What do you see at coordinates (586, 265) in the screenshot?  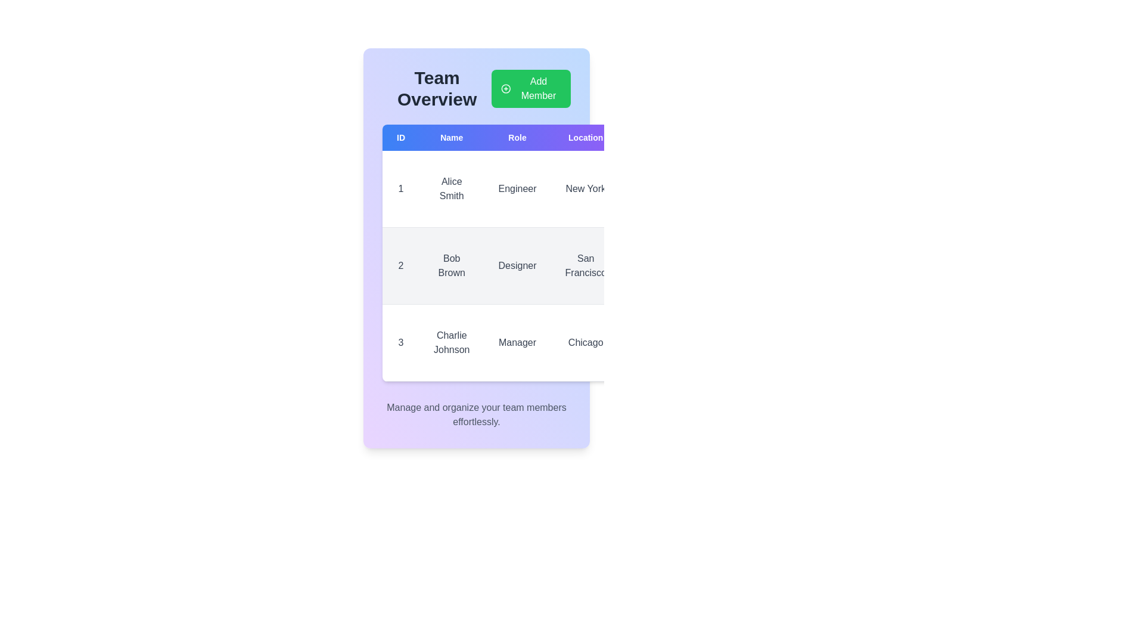 I see `the non-interactive text label displaying location information for 'Bob Brown', the Designer, located in the fourth column of the second row of the table` at bounding box center [586, 265].